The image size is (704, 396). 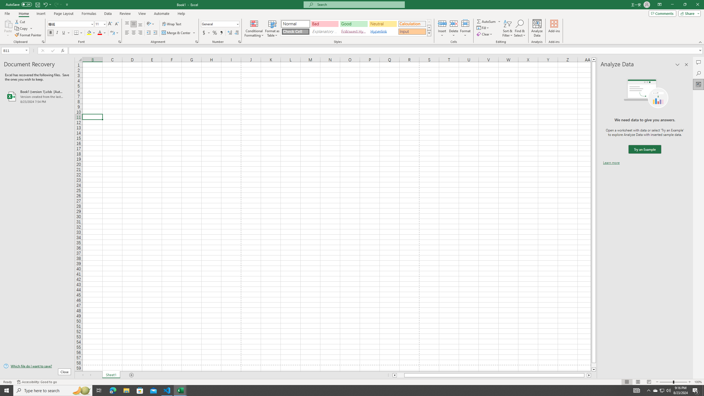 What do you see at coordinates (76, 32) in the screenshot?
I see `'Bottom Border'` at bounding box center [76, 32].